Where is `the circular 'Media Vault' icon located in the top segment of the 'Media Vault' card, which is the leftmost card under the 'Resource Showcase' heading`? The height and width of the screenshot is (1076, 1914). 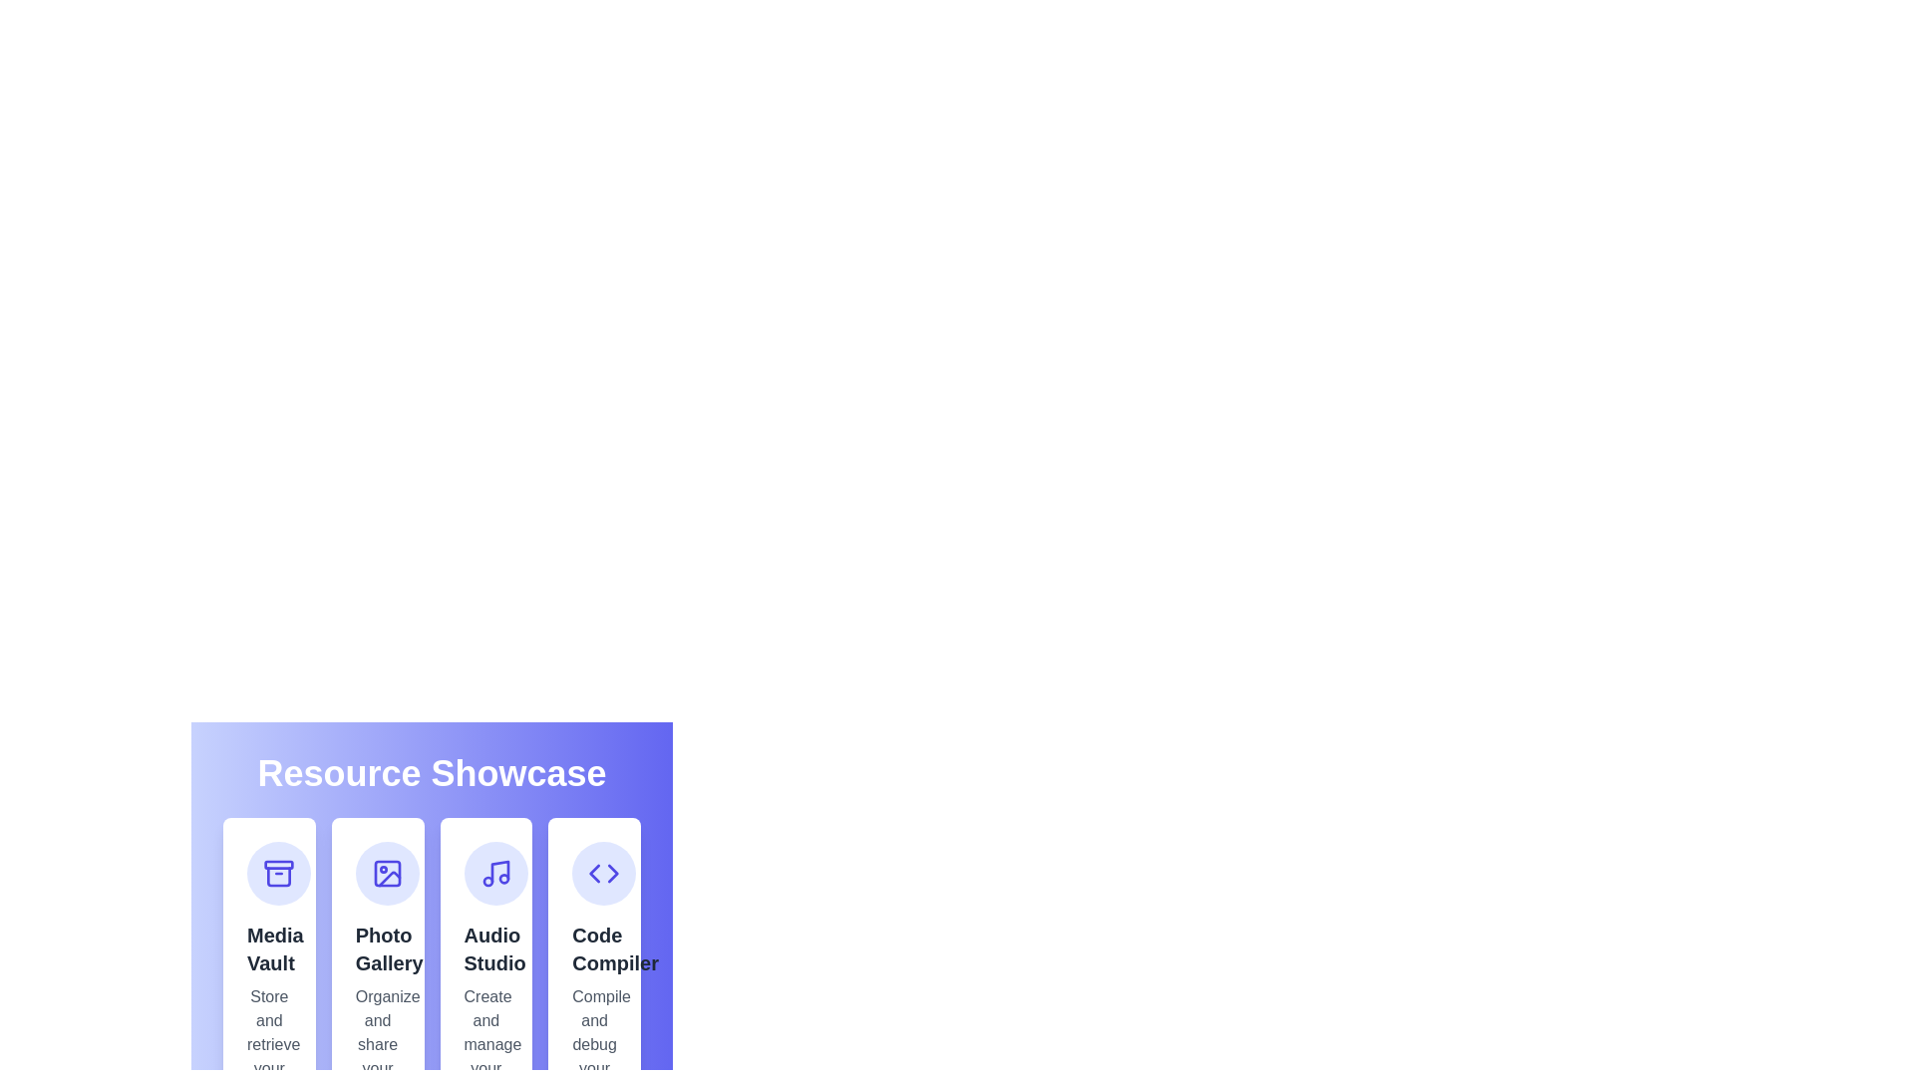 the circular 'Media Vault' icon located in the top segment of the 'Media Vault' card, which is the leftmost card under the 'Resource Showcase' heading is located at coordinates (277, 872).